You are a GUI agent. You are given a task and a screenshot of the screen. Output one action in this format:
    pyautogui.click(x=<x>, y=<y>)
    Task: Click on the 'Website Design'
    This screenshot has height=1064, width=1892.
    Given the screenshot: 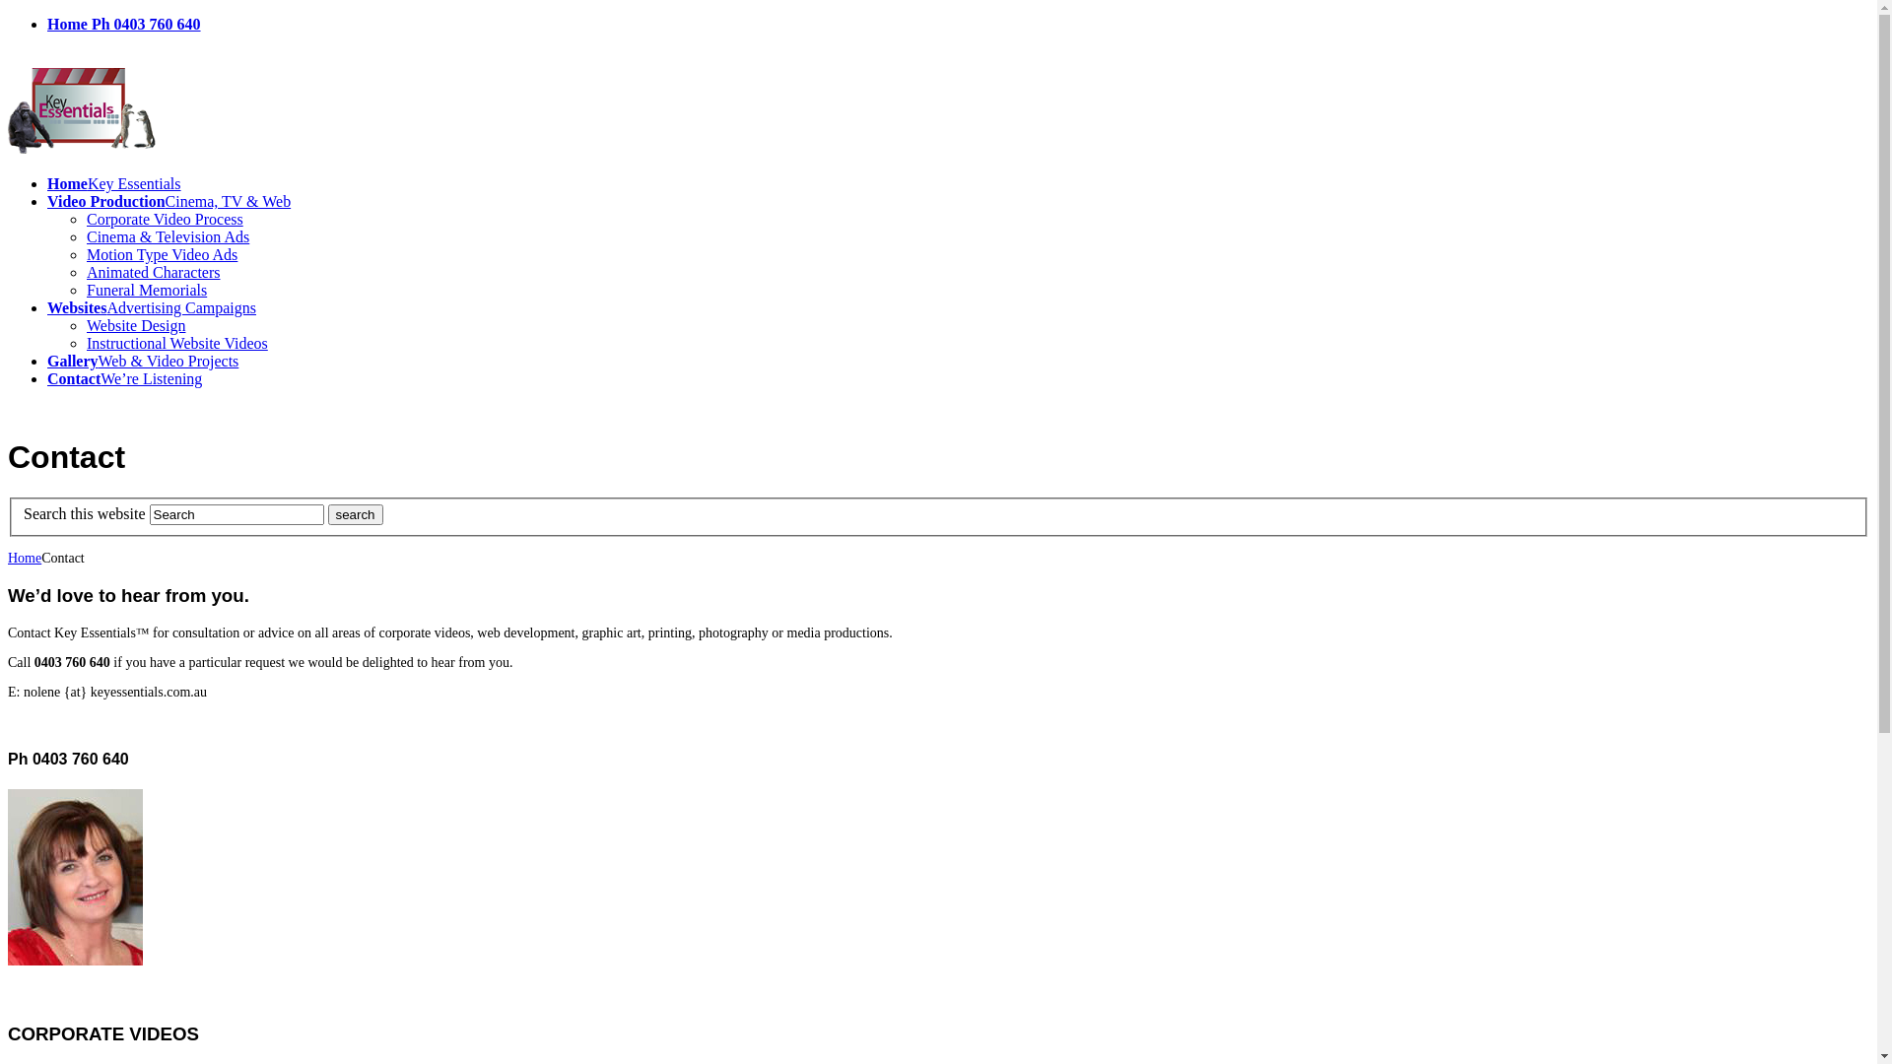 What is the action you would take?
    pyautogui.click(x=135, y=324)
    